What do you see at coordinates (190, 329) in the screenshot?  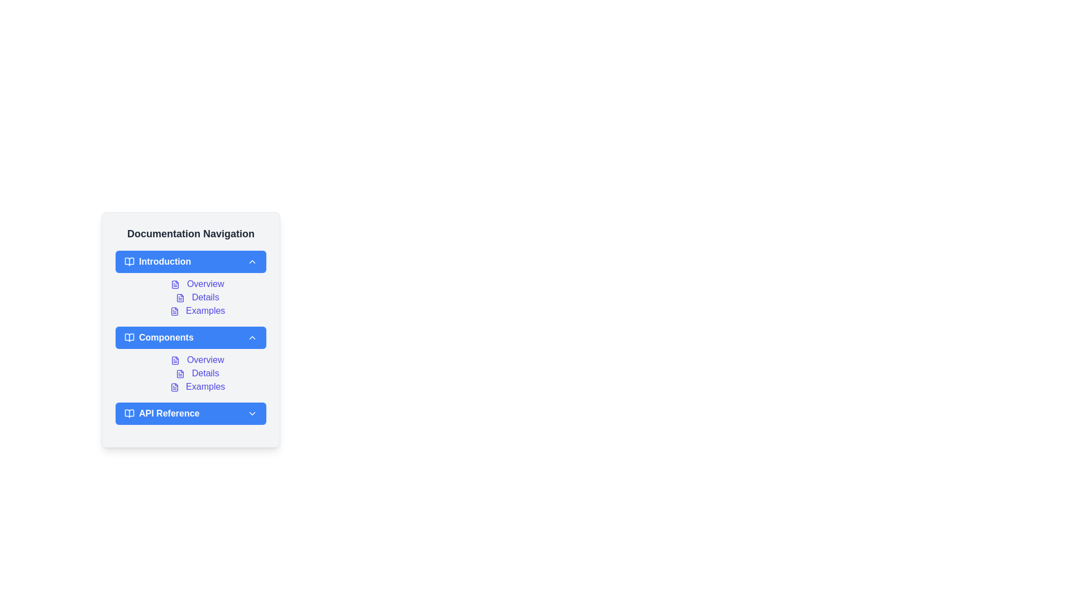 I see `the 'Components' interactive expandable menu section located below the 'Introduction' section` at bounding box center [190, 329].